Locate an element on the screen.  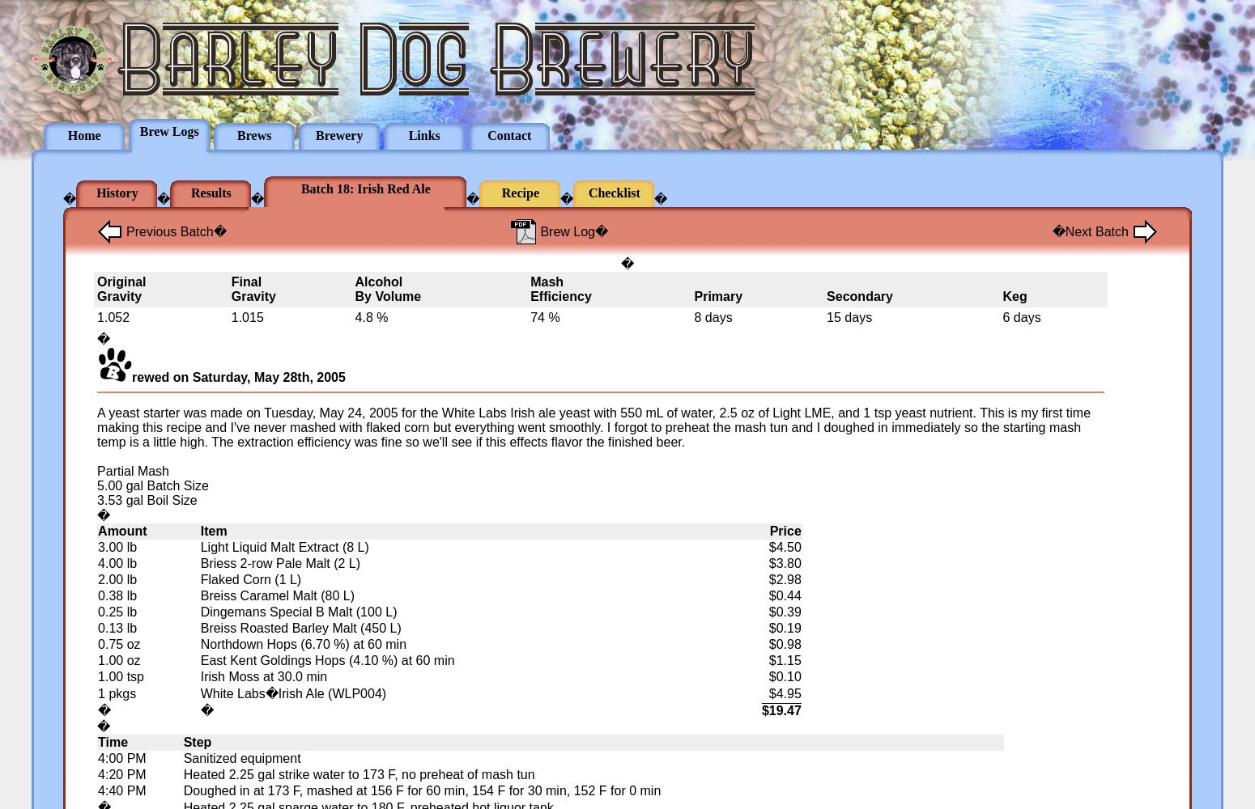
'1 pkgs' is located at coordinates (117, 692).